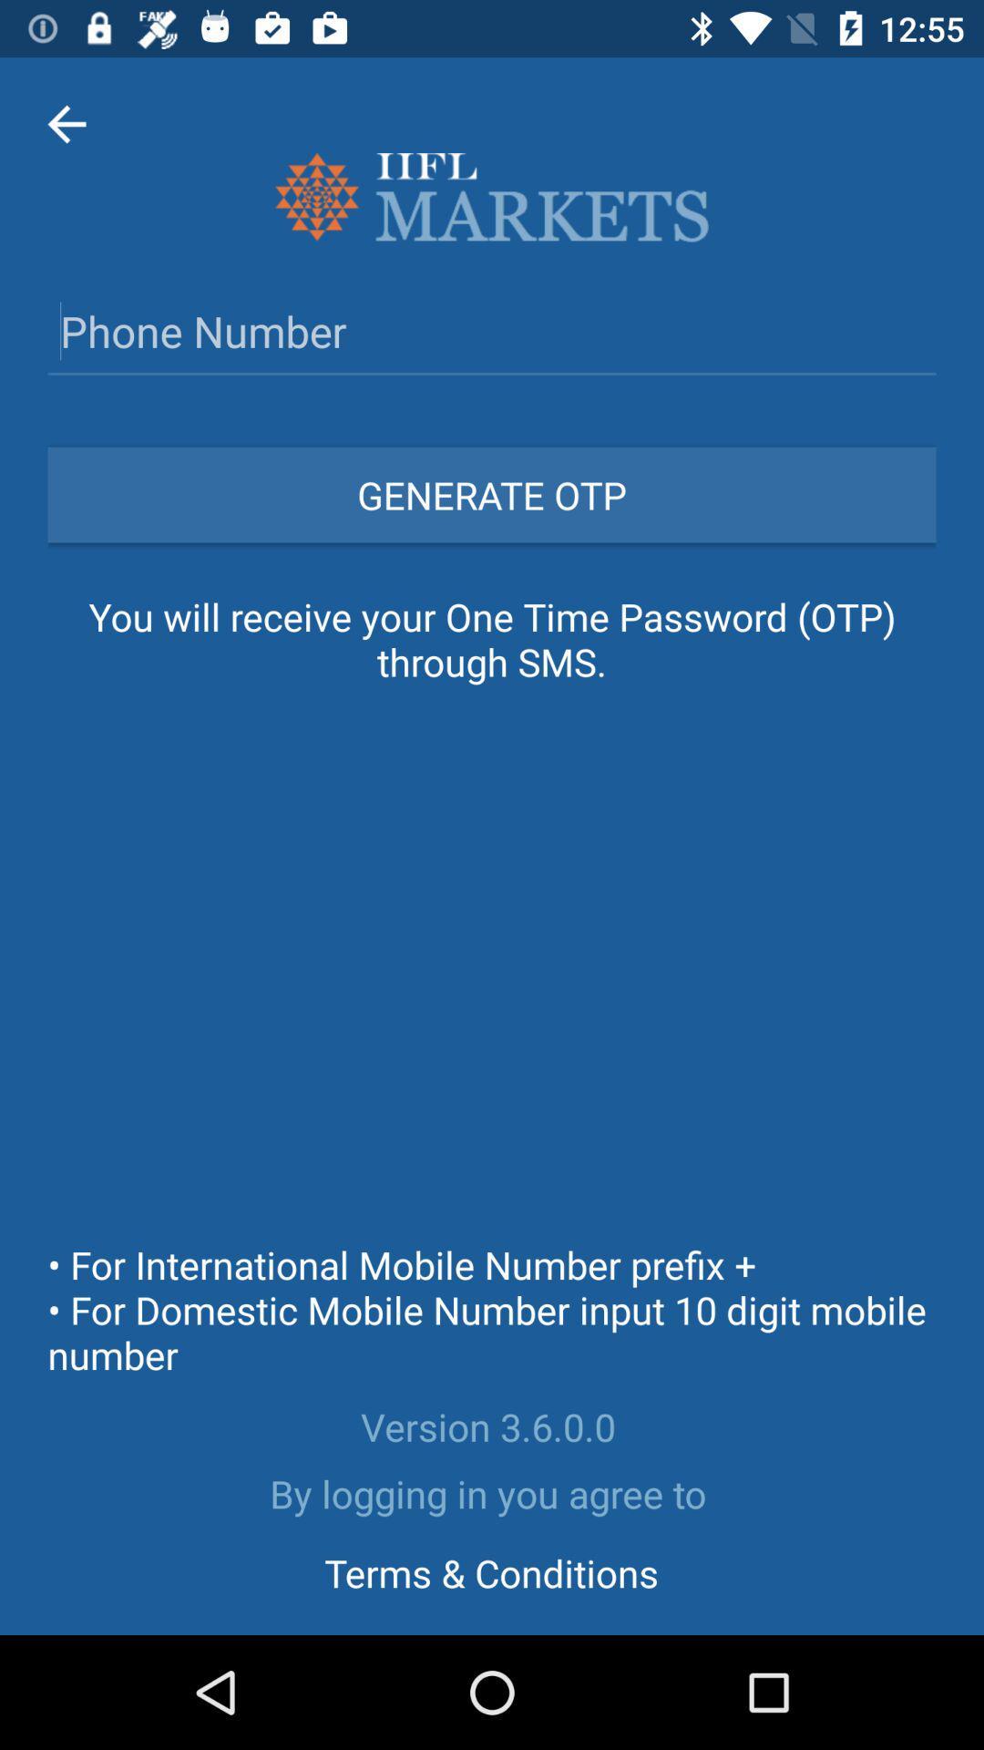 This screenshot has width=984, height=1750. Describe the element at coordinates (492, 331) in the screenshot. I see `phone number` at that location.